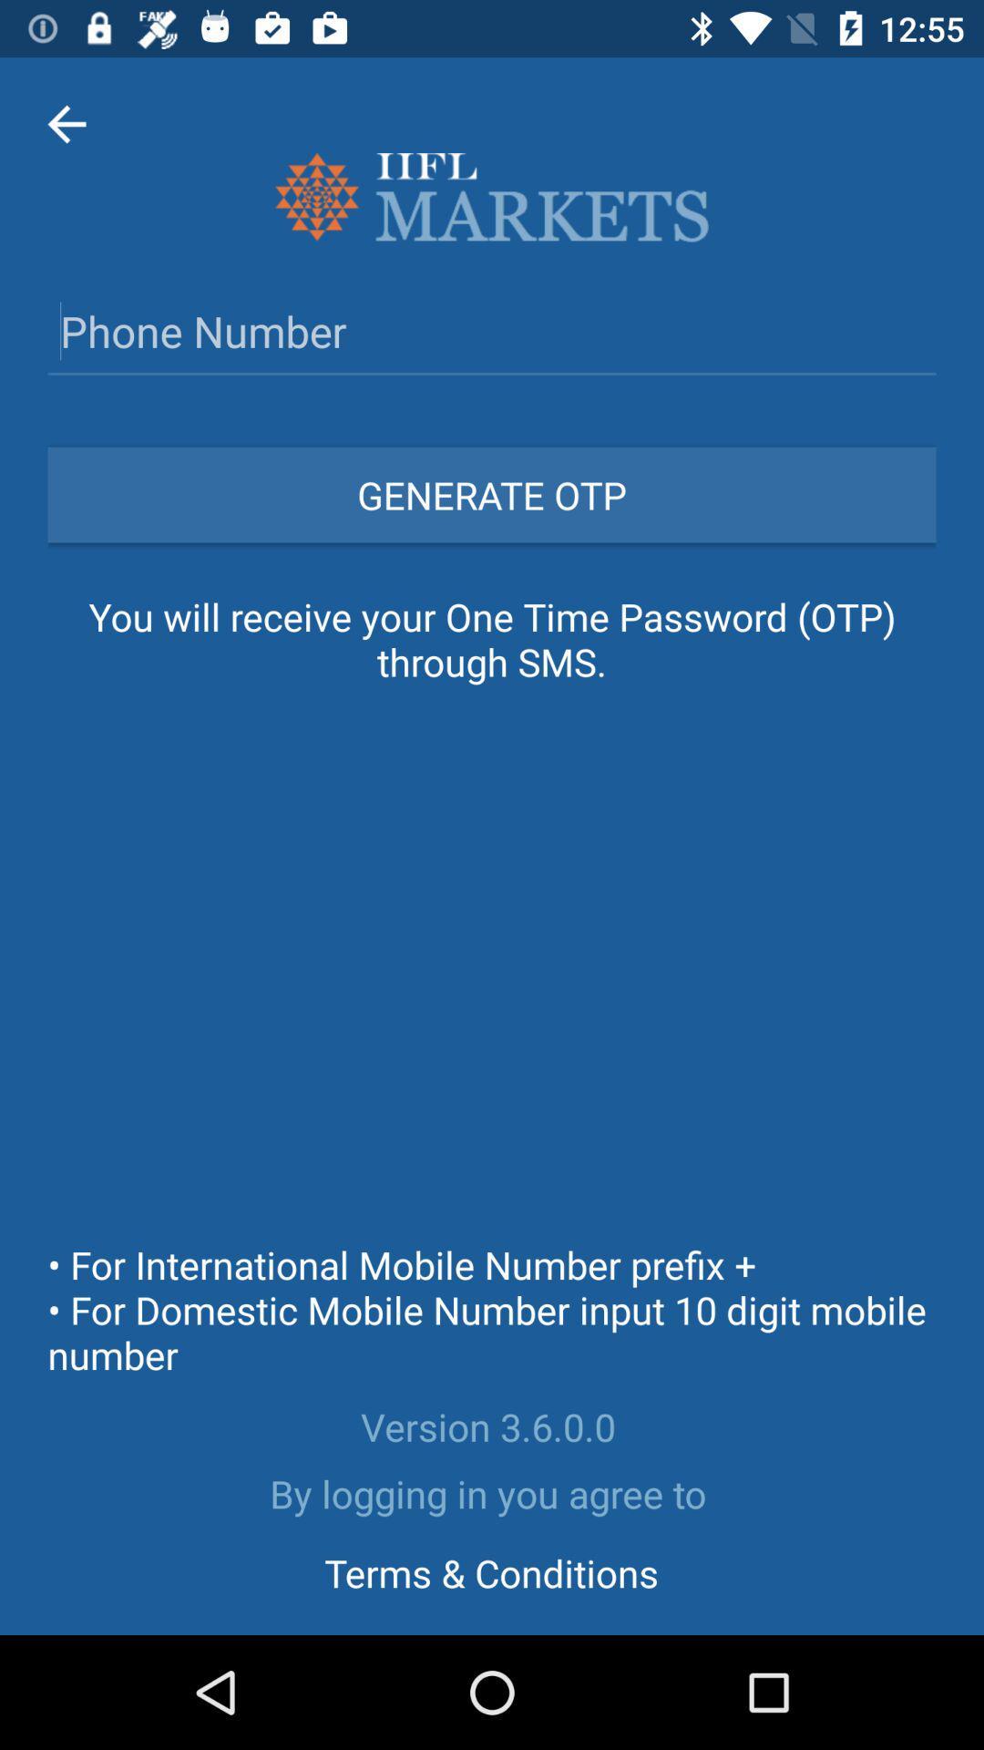 This screenshot has width=984, height=1750. Describe the element at coordinates (492, 331) in the screenshot. I see `phone number` at that location.